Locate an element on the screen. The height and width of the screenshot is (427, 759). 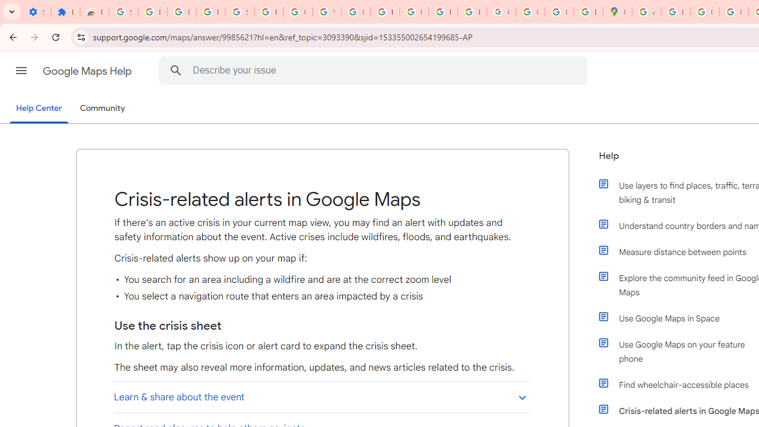
'Sign in - Google Accounts' is located at coordinates (123, 12).